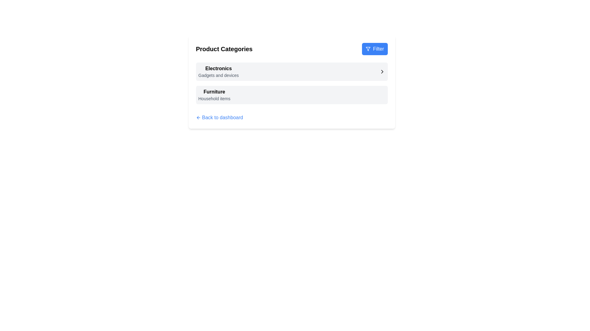 The width and height of the screenshot is (590, 331). What do you see at coordinates (382, 71) in the screenshot?
I see `the rightward navigation chevron icon located to the right of the 'Electronics' category text` at bounding box center [382, 71].